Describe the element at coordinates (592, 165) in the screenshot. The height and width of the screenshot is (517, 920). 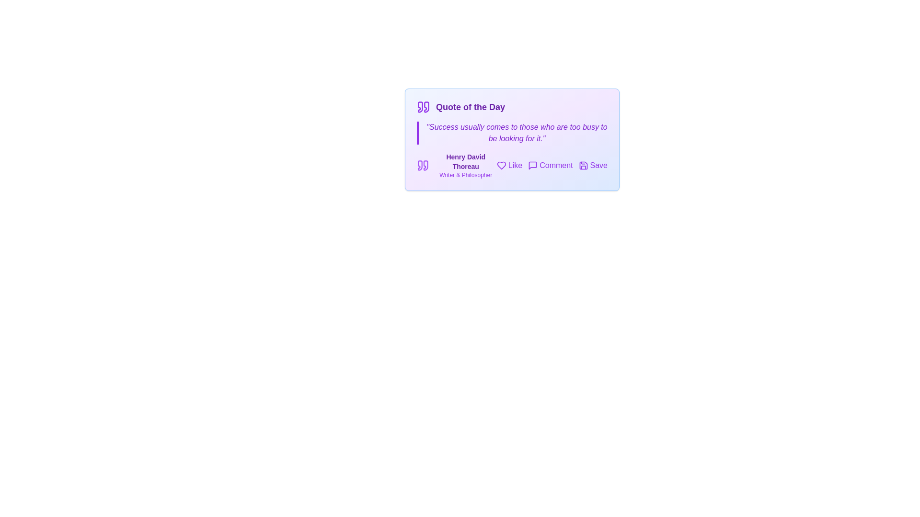
I see `the 'Save' button, which is the third button` at that location.